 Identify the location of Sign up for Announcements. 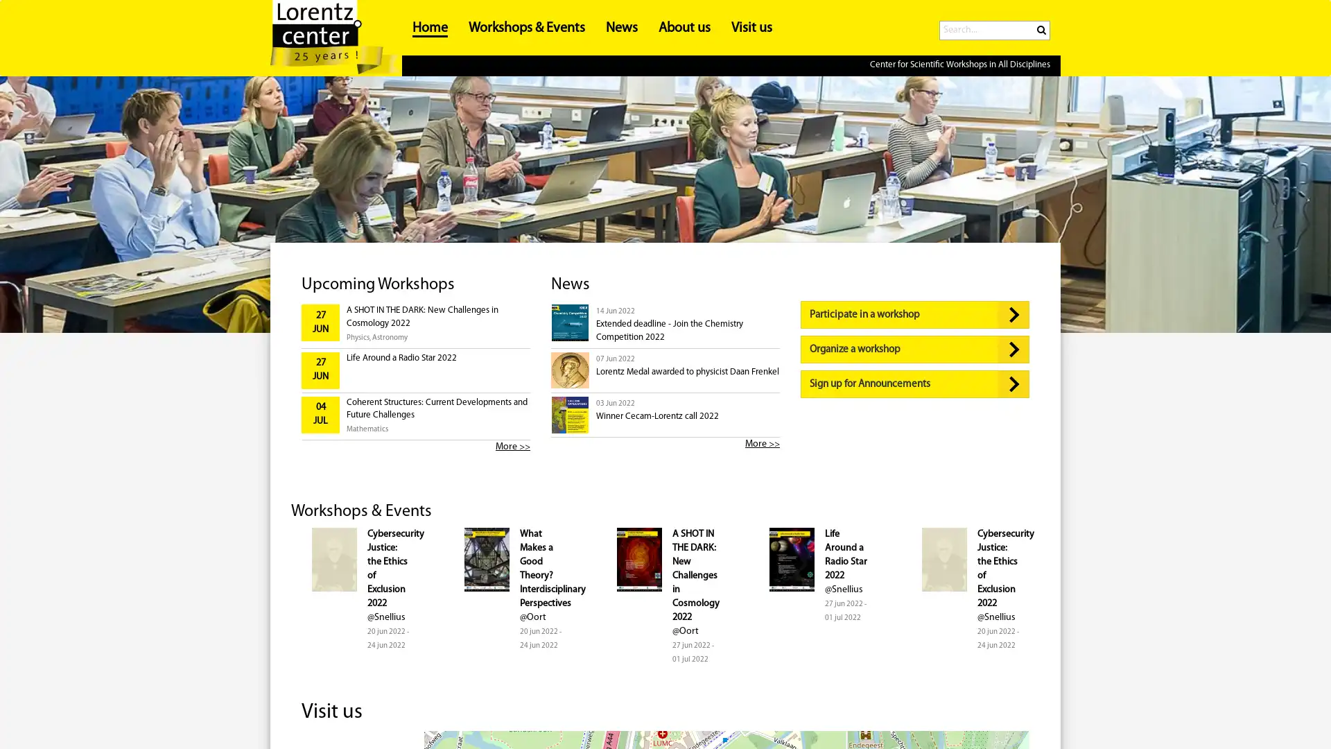
(915, 384).